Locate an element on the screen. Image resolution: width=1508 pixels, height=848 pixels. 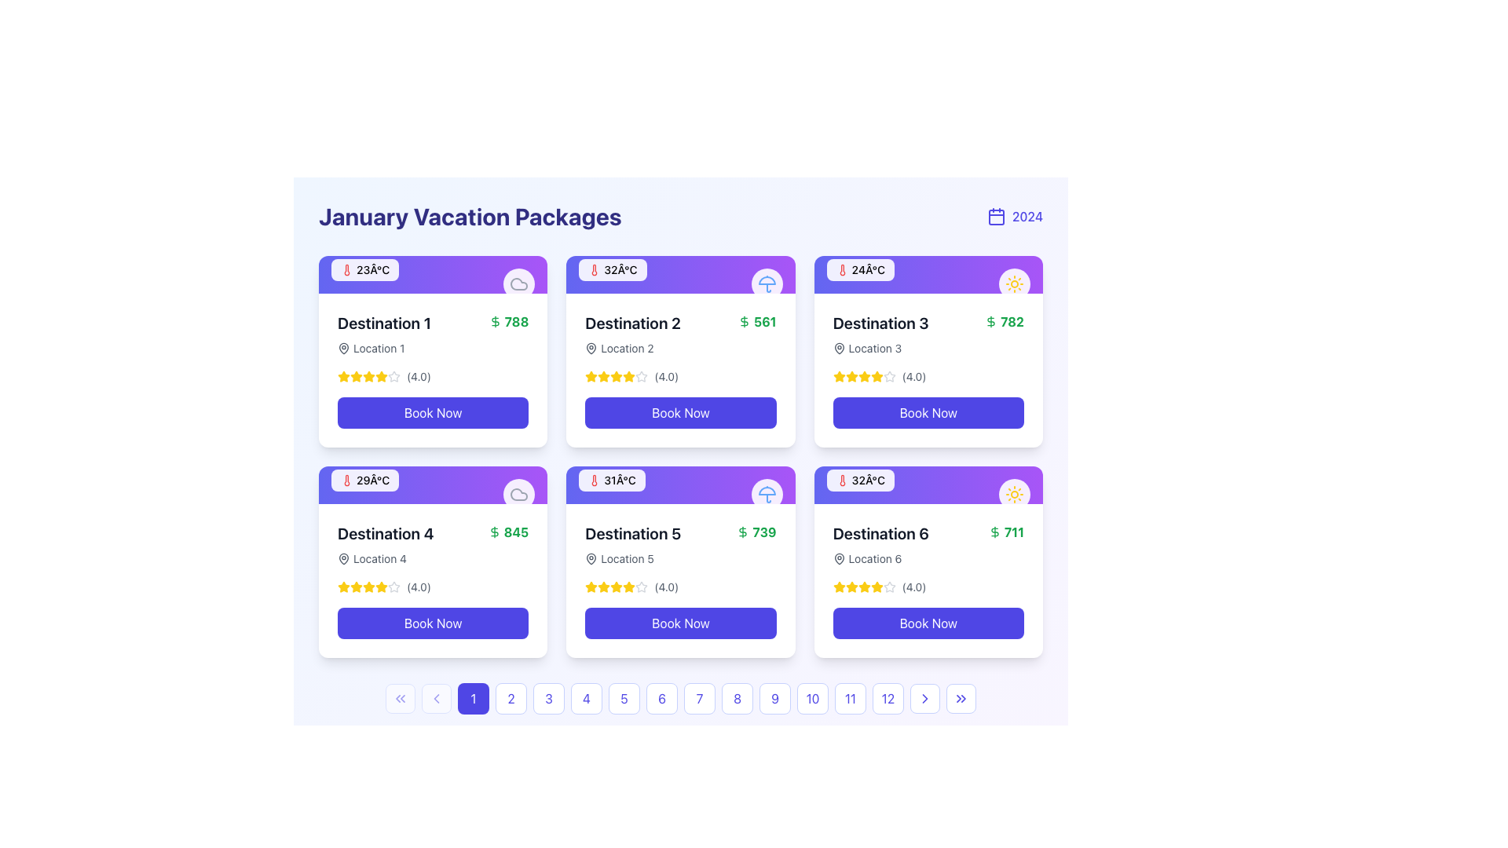
the red thermometer icon located in the top left corner of the card labeled 'Destination 2', positioned to the left of the temperature label '32°C' is located at coordinates (594, 269).